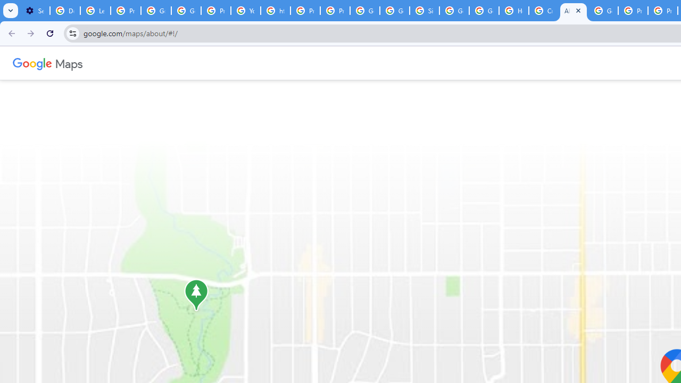  Describe the element at coordinates (424, 11) in the screenshot. I see `'Sign in - Google Accounts'` at that location.